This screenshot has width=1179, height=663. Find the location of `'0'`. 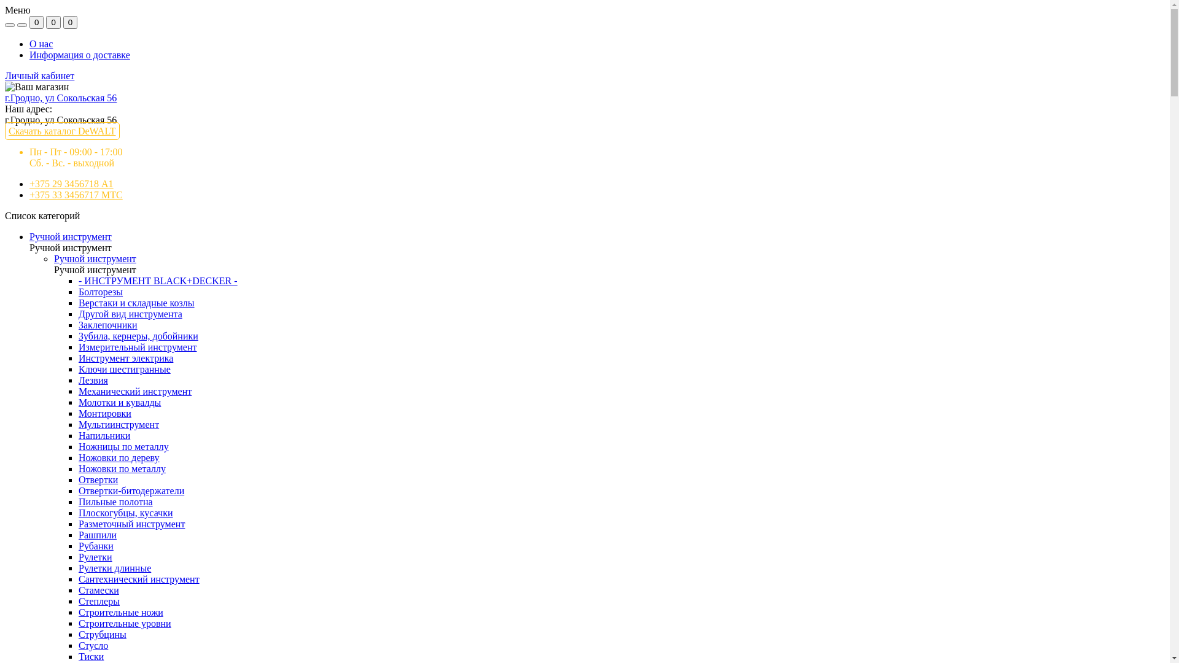

'0' is located at coordinates (52, 22).